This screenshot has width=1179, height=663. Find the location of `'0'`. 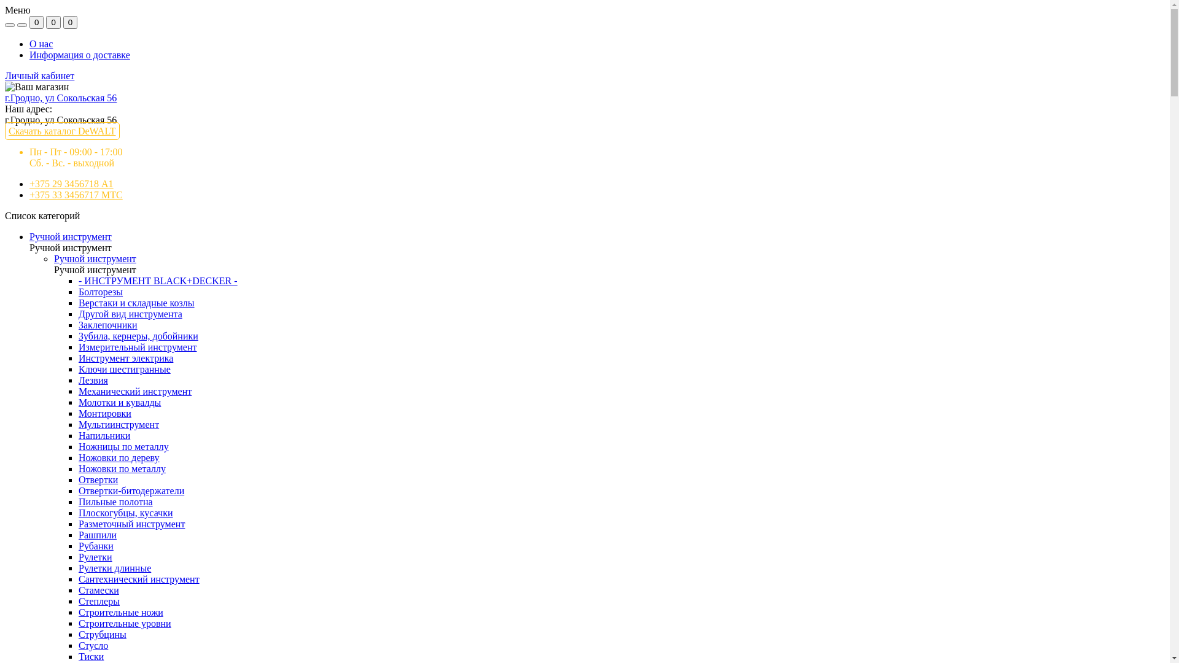

'0' is located at coordinates (52, 22).